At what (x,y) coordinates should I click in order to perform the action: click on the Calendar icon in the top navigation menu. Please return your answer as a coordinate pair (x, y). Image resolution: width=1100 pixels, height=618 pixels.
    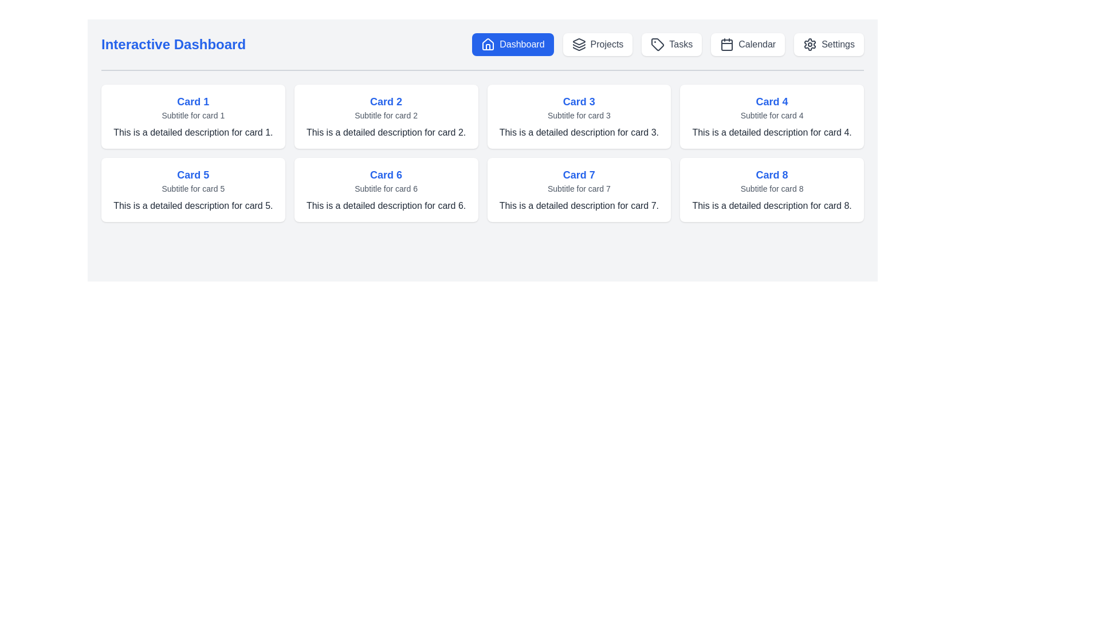
    Looking at the image, I should click on (726, 43).